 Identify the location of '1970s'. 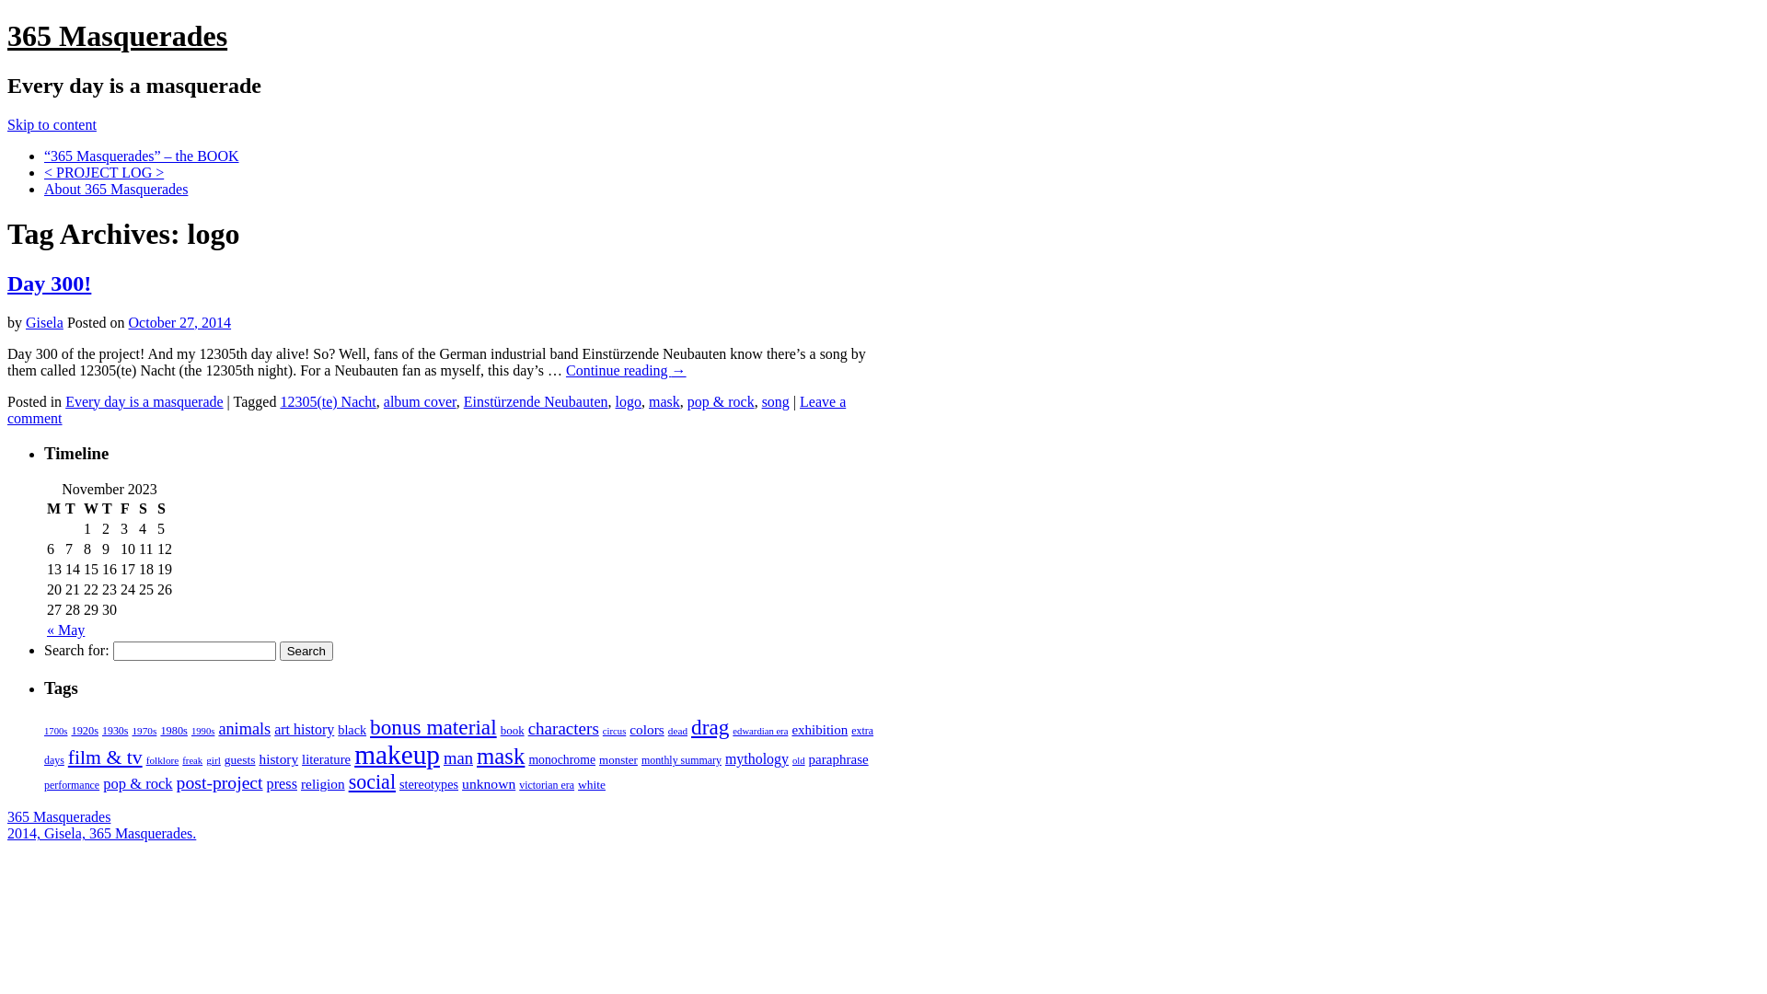
(143, 730).